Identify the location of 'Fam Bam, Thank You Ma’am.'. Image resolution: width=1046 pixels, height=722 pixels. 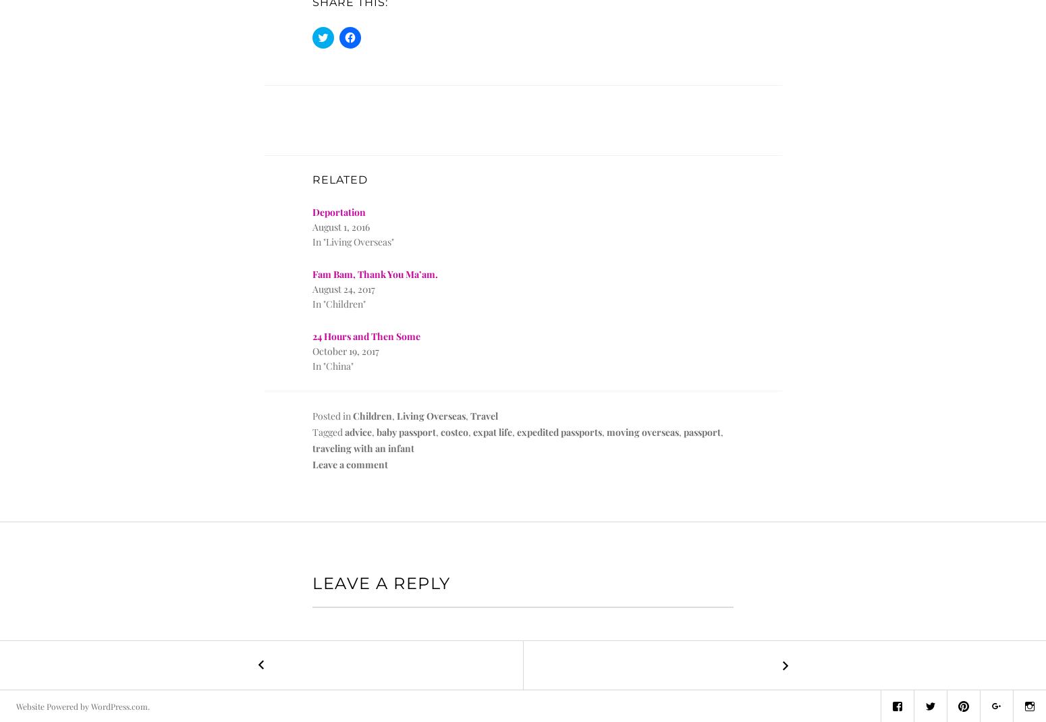
(312, 273).